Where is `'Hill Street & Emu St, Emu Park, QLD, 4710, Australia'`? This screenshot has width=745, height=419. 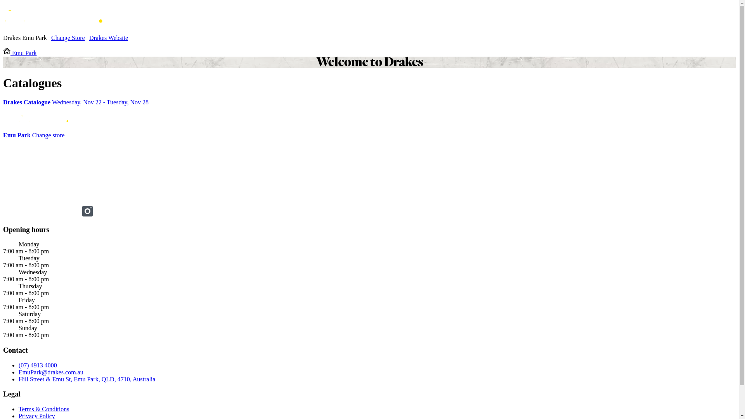
'Hill Street & Emu St, Emu Park, QLD, 4710, Australia' is located at coordinates (87, 379).